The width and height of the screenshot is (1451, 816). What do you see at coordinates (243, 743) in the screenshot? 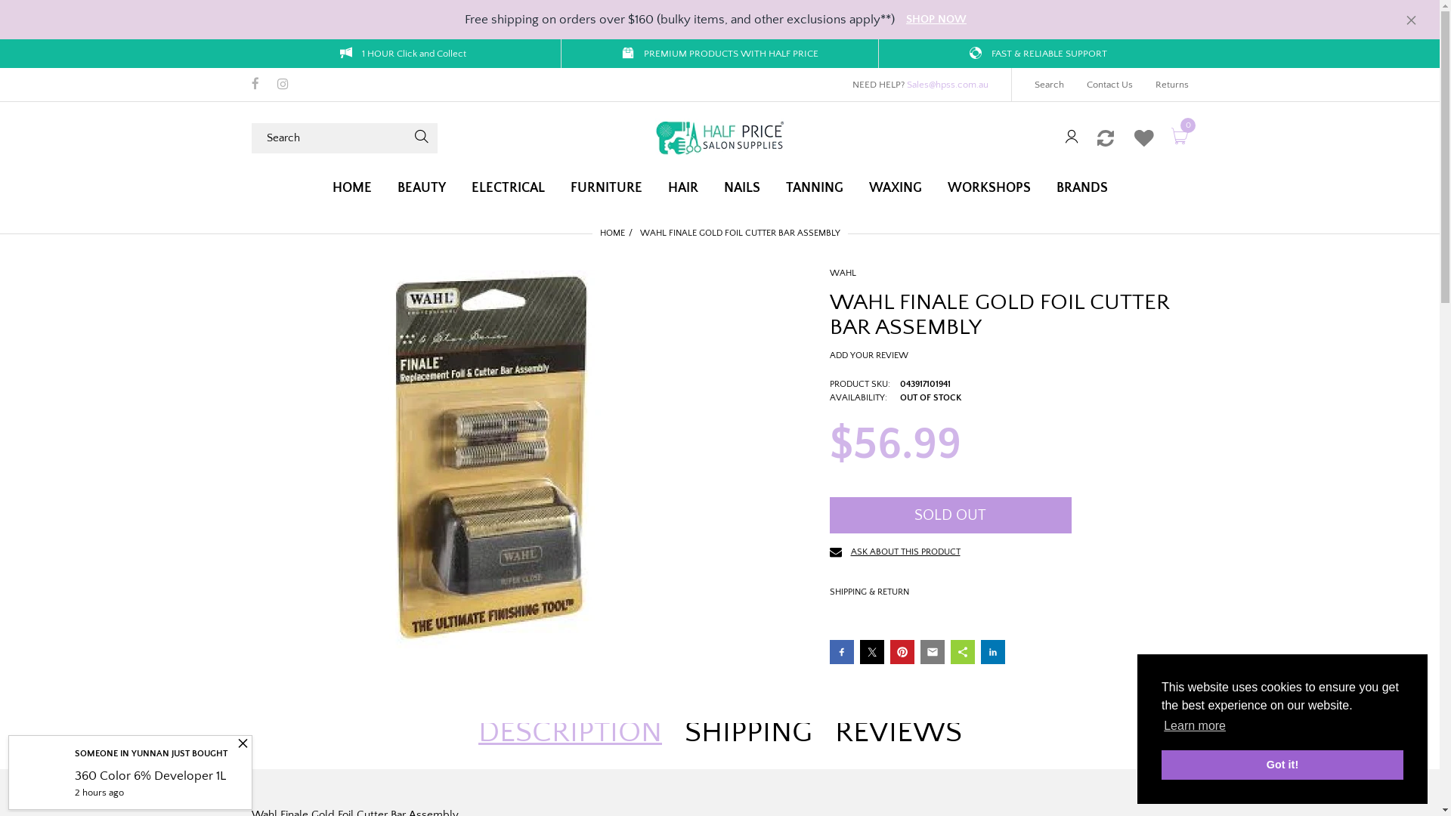
I see `'Close'` at bounding box center [243, 743].